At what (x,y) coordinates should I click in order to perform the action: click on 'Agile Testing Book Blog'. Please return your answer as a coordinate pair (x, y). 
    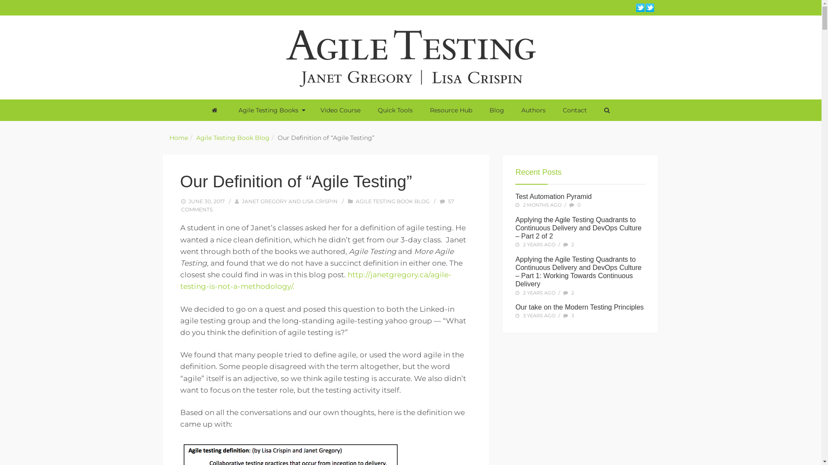
    Looking at the image, I should click on (232, 137).